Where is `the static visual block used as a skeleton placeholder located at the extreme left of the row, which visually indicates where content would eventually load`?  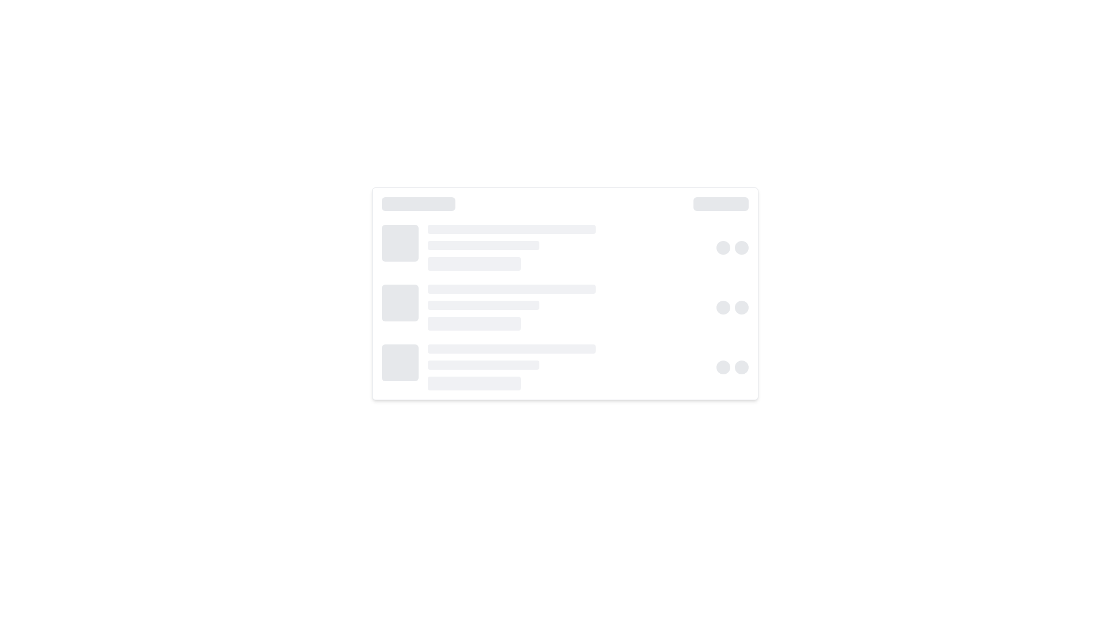 the static visual block used as a skeleton placeholder located at the extreme left of the row, which visually indicates where content would eventually load is located at coordinates (400, 302).